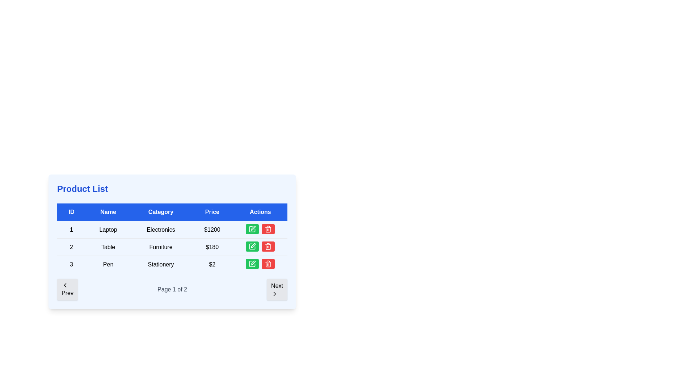 This screenshot has height=391, width=695. I want to click on the edit icon button, which is a pen illustration within a green circular background, located in the 'Actions' column of the last row for the 'Pen' product, so click(253, 263).